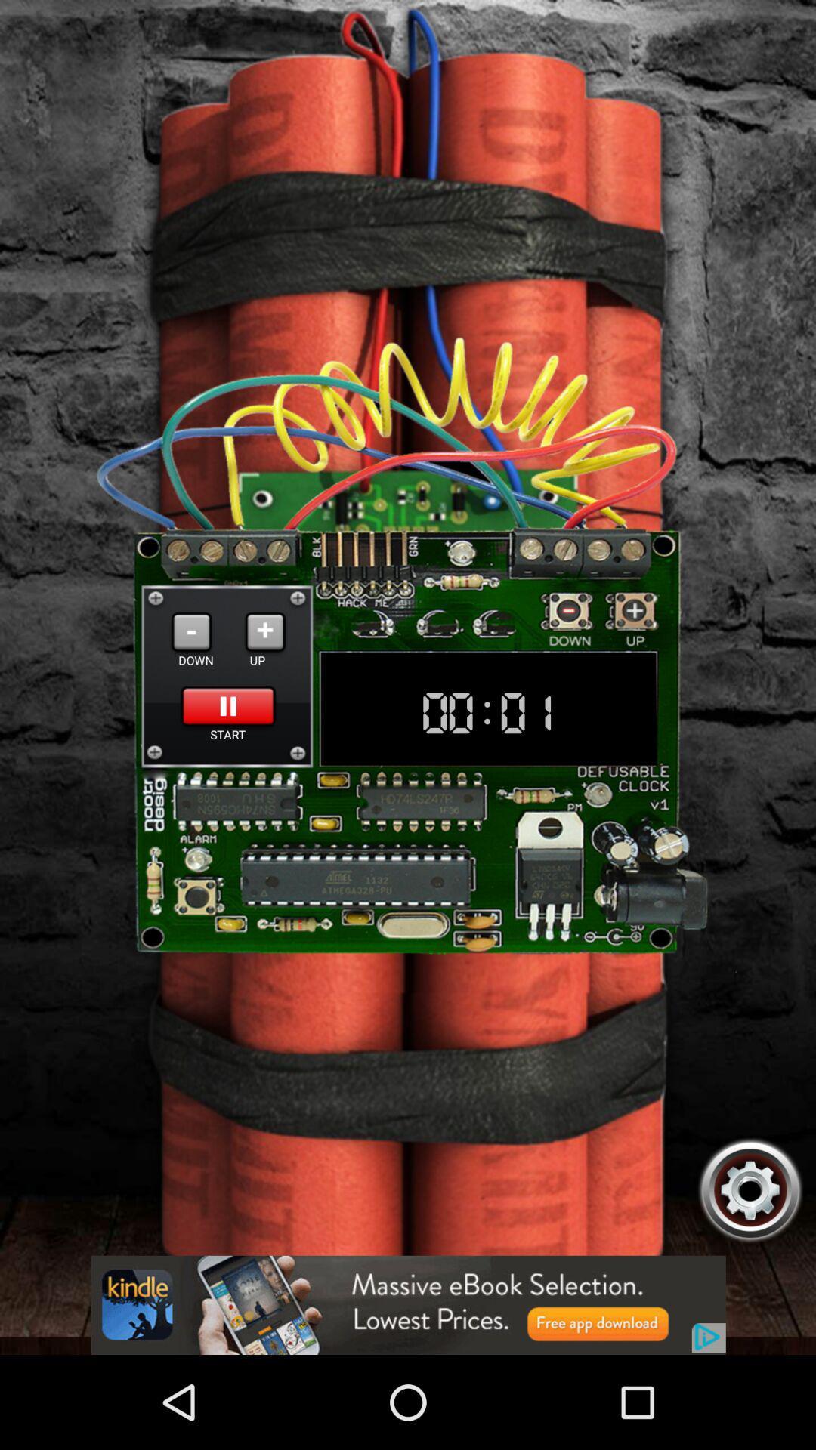 This screenshot has height=1450, width=816. I want to click on the add icon, so click(264, 679).